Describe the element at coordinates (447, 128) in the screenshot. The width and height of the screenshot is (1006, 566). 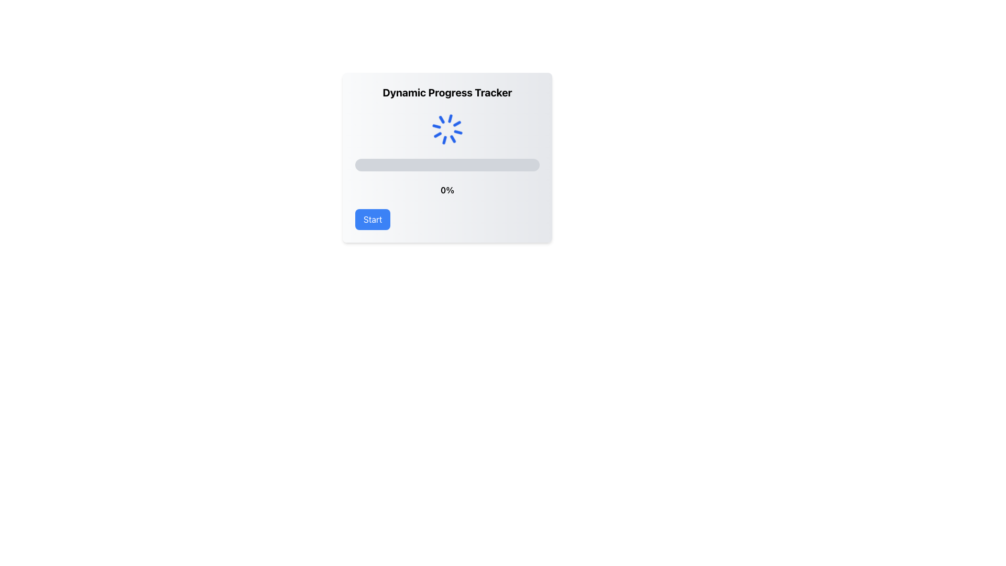
I see `the spinning loader icon located in the progress tracker section of the 'Dynamic Progress Tracker' card` at that location.